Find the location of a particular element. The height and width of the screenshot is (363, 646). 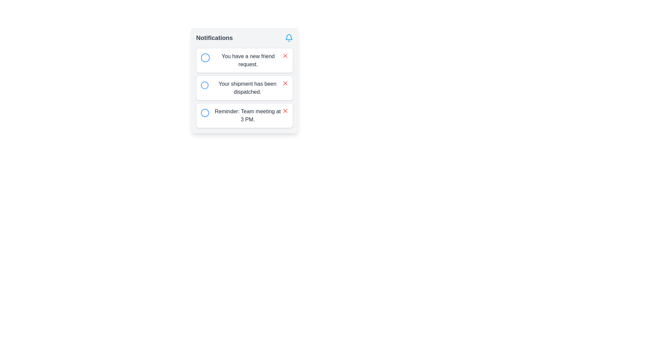

the SVG circle graphic with a blue stroke located in the second notification block next to the text 'Your shipment has been dispatched.' is located at coordinates (204, 85).